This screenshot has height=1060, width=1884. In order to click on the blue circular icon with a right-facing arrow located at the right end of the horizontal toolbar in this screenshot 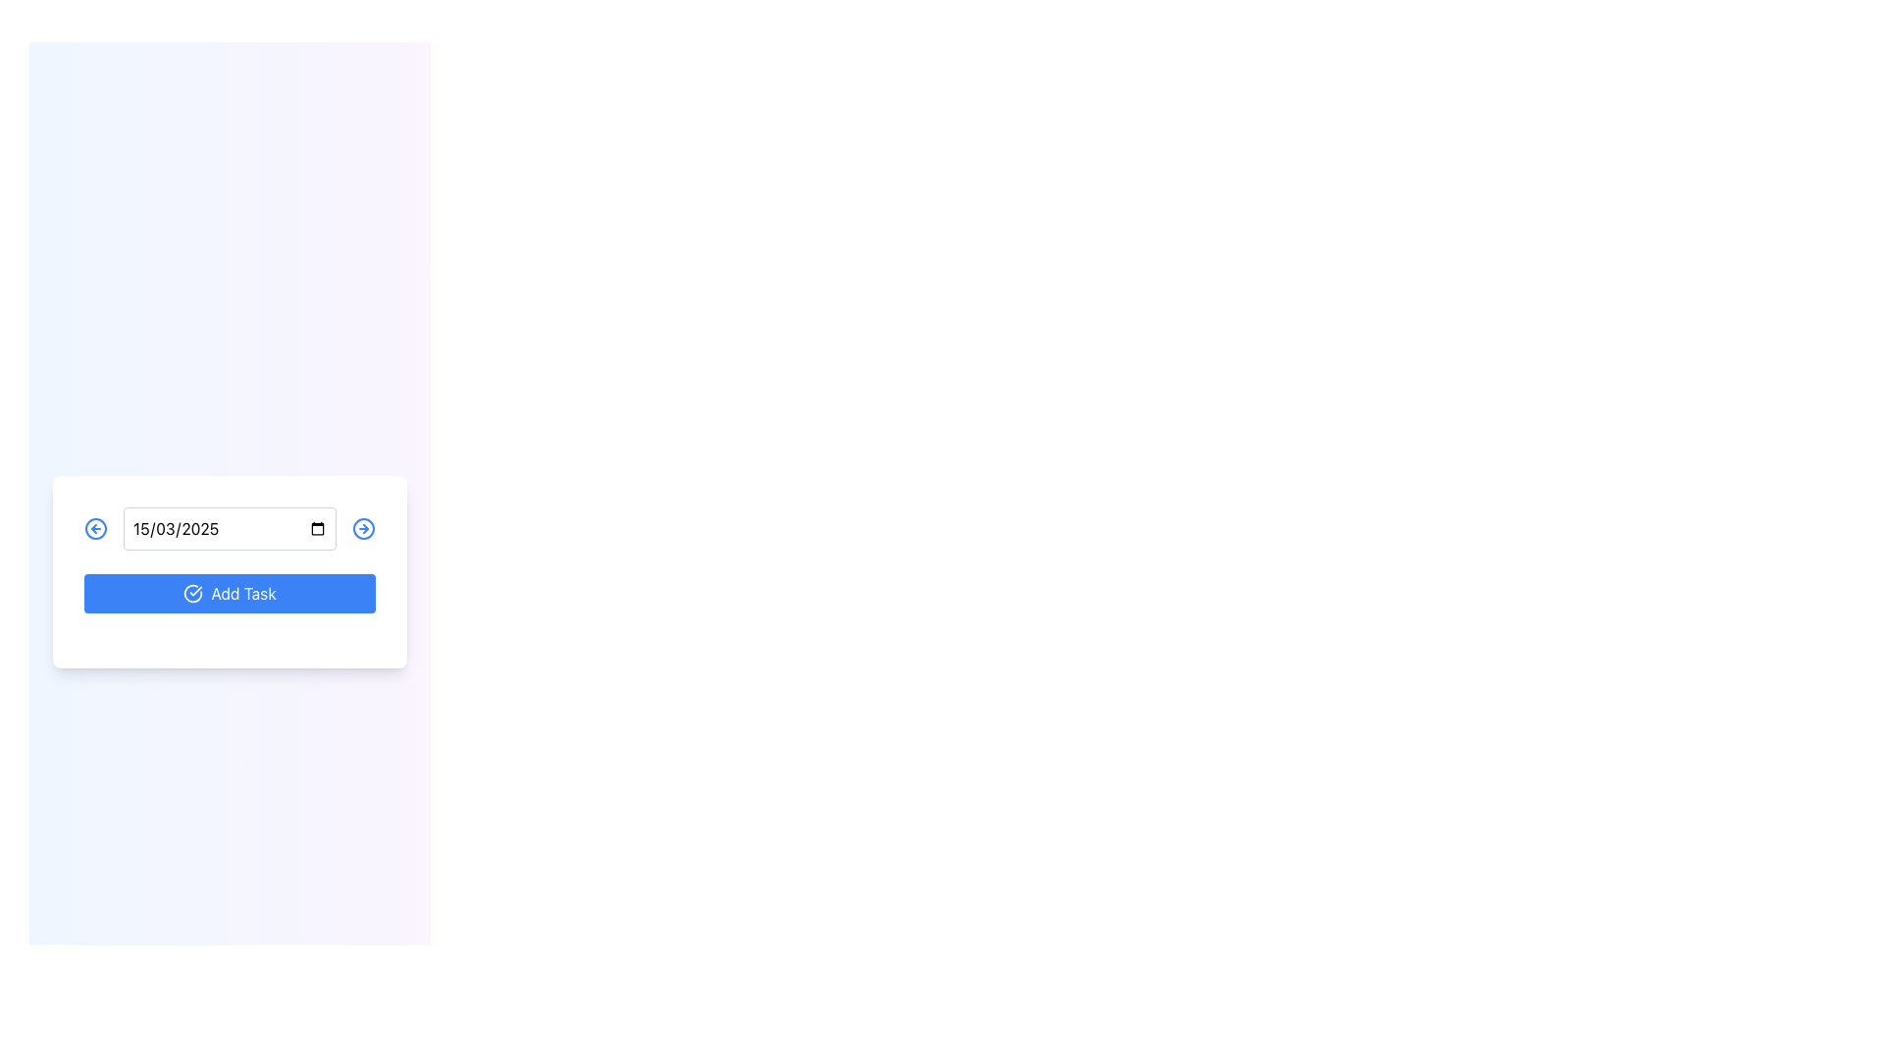, I will do `click(363, 528)`.